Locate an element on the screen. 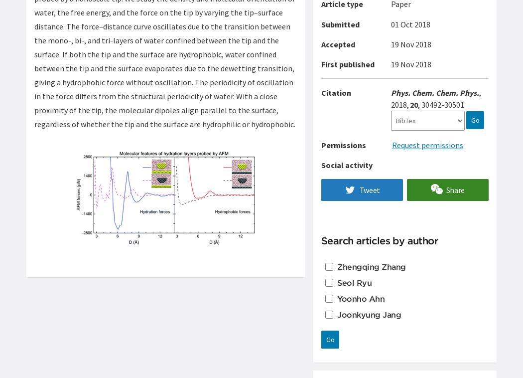 This screenshot has width=523, height=378. 'Yoonho Ahn' is located at coordinates (360, 298).